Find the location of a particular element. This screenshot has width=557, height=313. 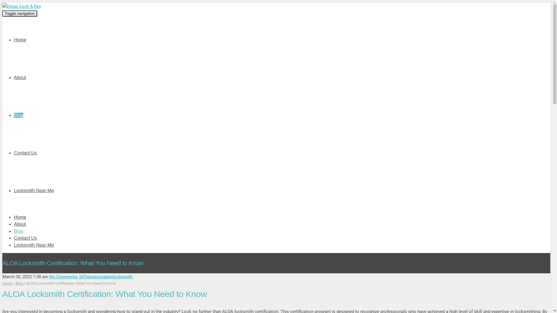

'Blog' is located at coordinates (19, 283).